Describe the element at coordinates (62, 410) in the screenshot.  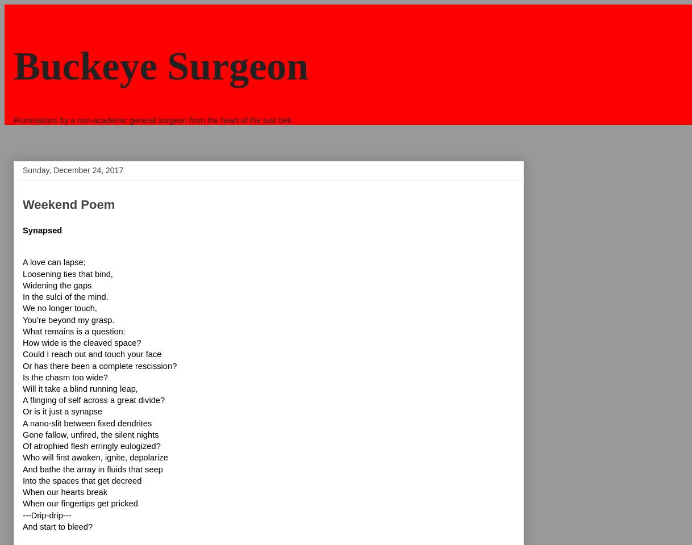
I see `'Or is it just a synapse'` at that location.